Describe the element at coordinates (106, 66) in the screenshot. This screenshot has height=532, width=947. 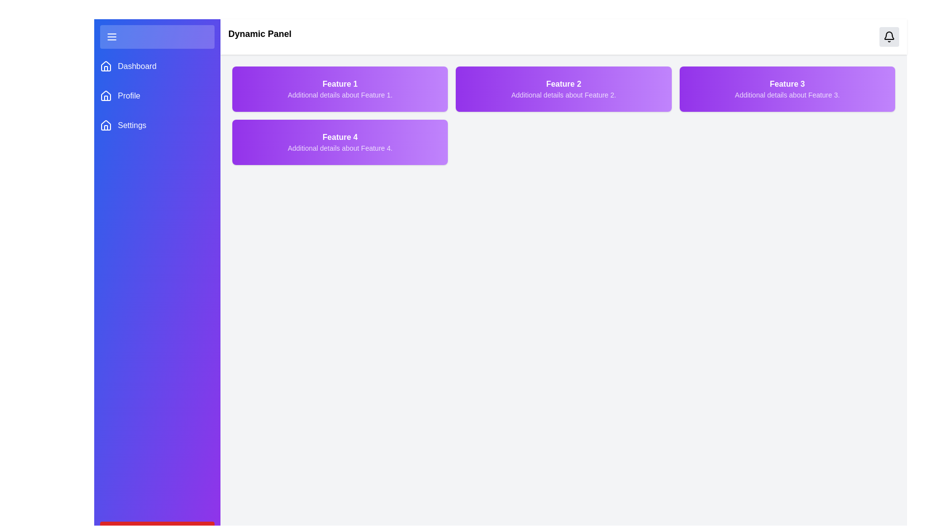
I see `the 'home' icon in the sidebar menu` at that location.